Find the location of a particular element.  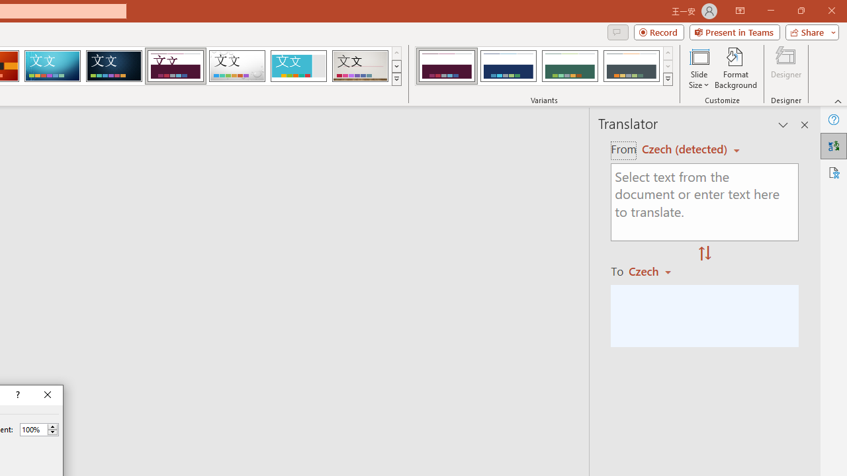

'Circuit' is located at coordinates (52, 66).